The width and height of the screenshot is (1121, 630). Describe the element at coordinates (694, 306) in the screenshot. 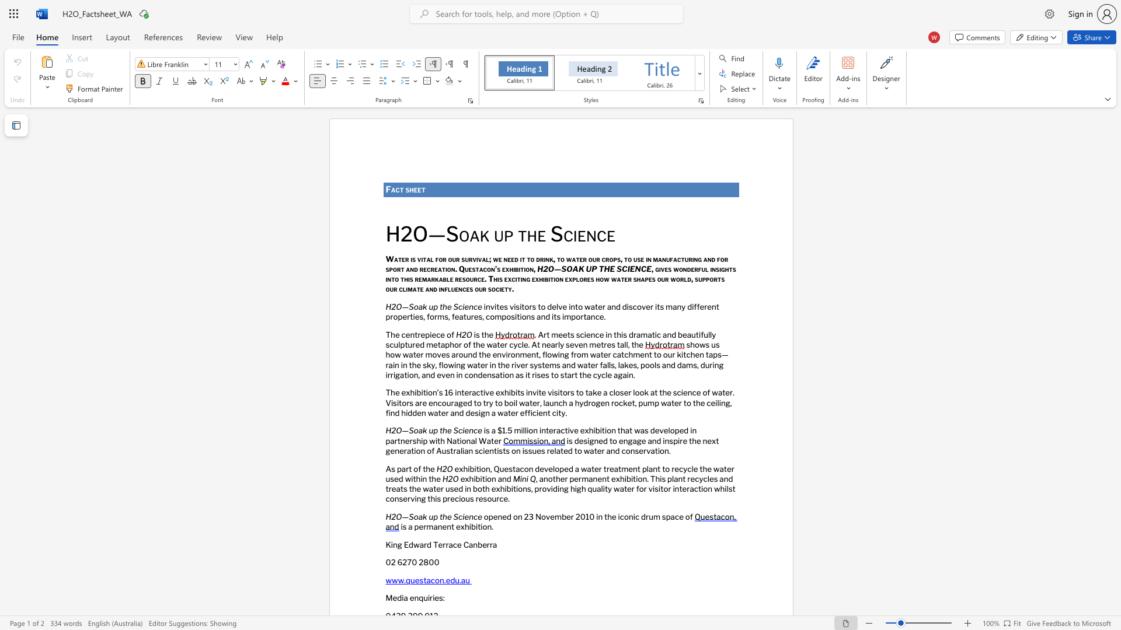

I see `the subset text "fferent properties, forms, features," within the text "invites visitors to delve into water and discover its many different properties, forms, features,"` at that location.